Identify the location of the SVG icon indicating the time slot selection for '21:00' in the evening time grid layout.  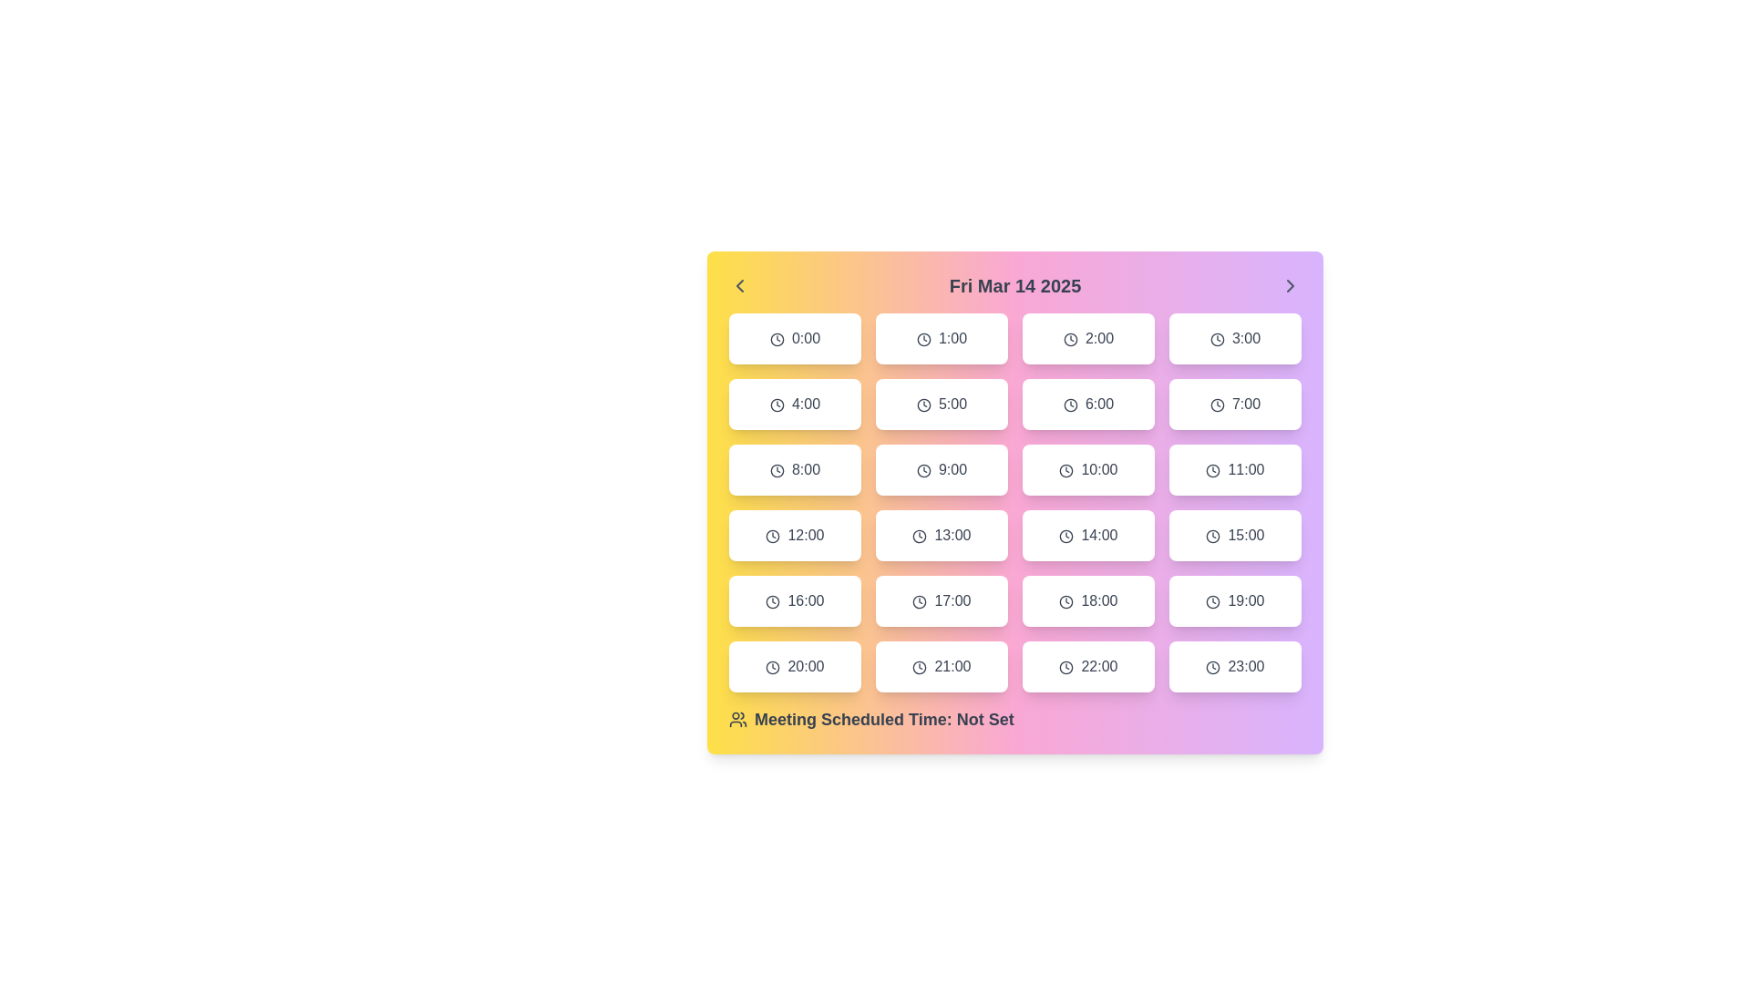
(920, 667).